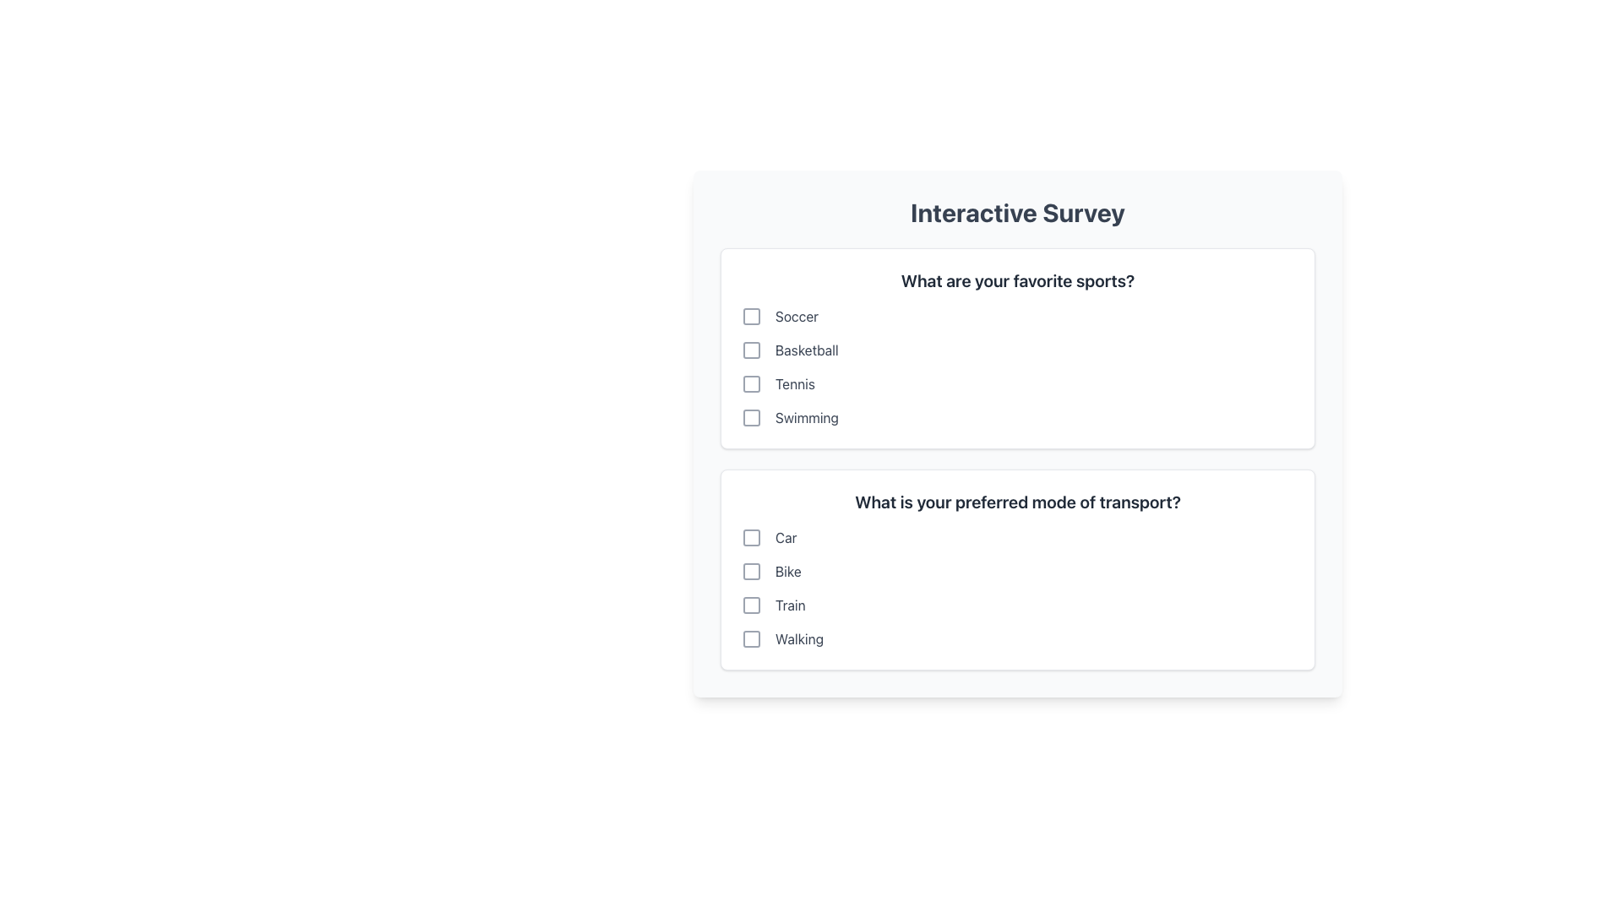 The width and height of the screenshot is (1622, 912). What do you see at coordinates (785, 537) in the screenshot?
I see `the Text Label element displaying 'Car' in gray font, located next to the checkbox icon in the survey question about preferred mode of transport` at bounding box center [785, 537].